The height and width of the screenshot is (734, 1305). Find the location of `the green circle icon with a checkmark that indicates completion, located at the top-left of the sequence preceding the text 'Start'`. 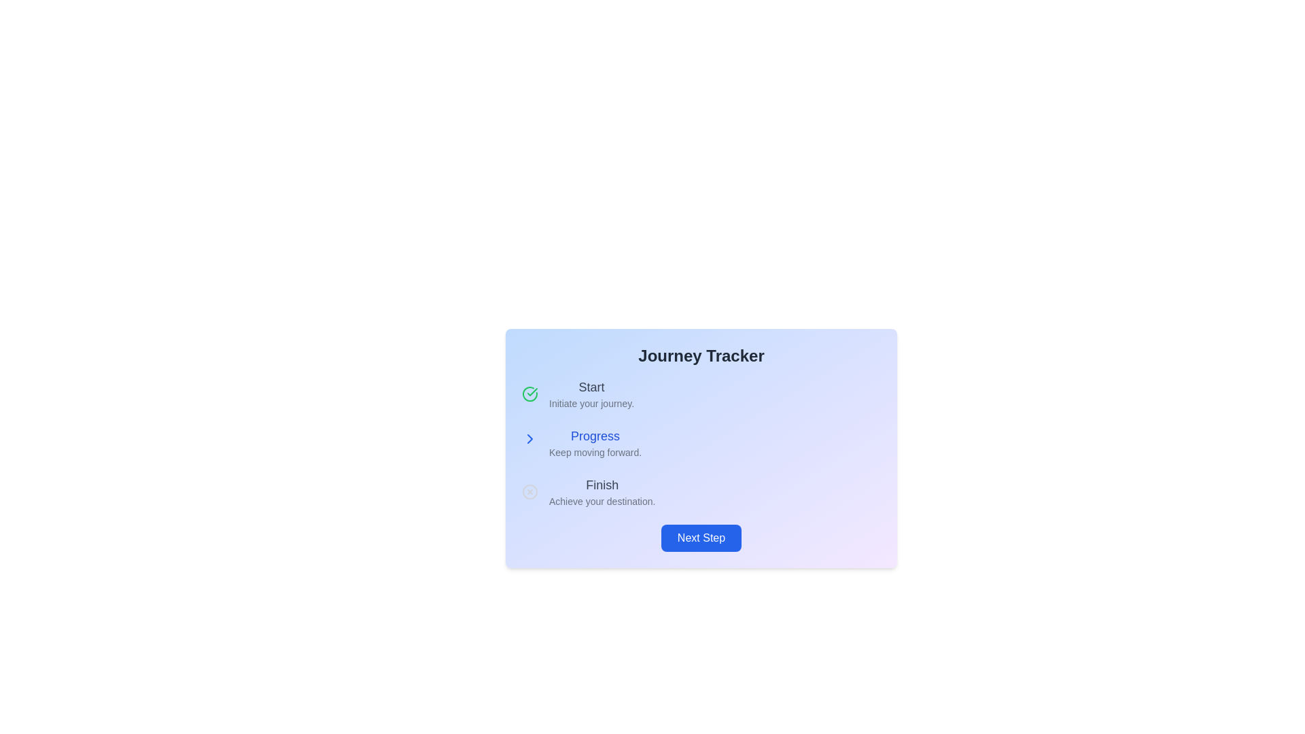

the green circle icon with a checkmark that indicates completion, located at the top-left of the sequence preceding the text 'Start' is located at coordinates (529, 394).